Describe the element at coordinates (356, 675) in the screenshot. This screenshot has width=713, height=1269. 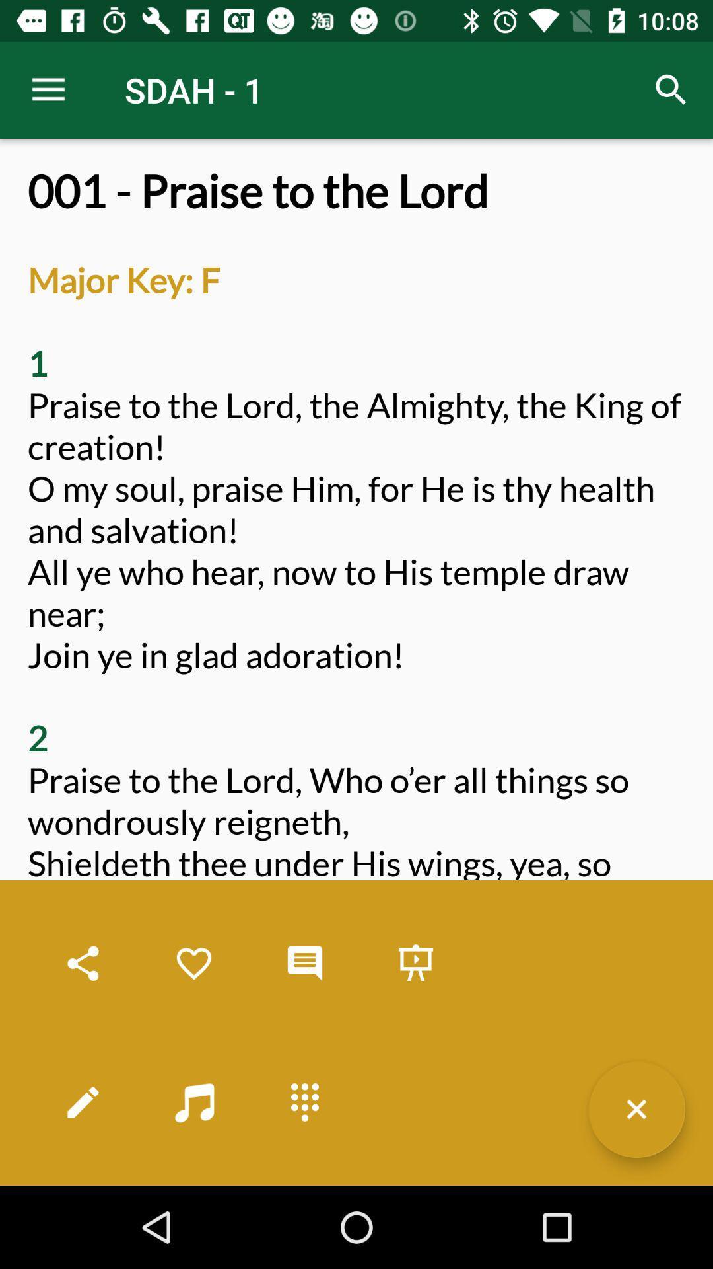
I see `001 praise to item` at that location.